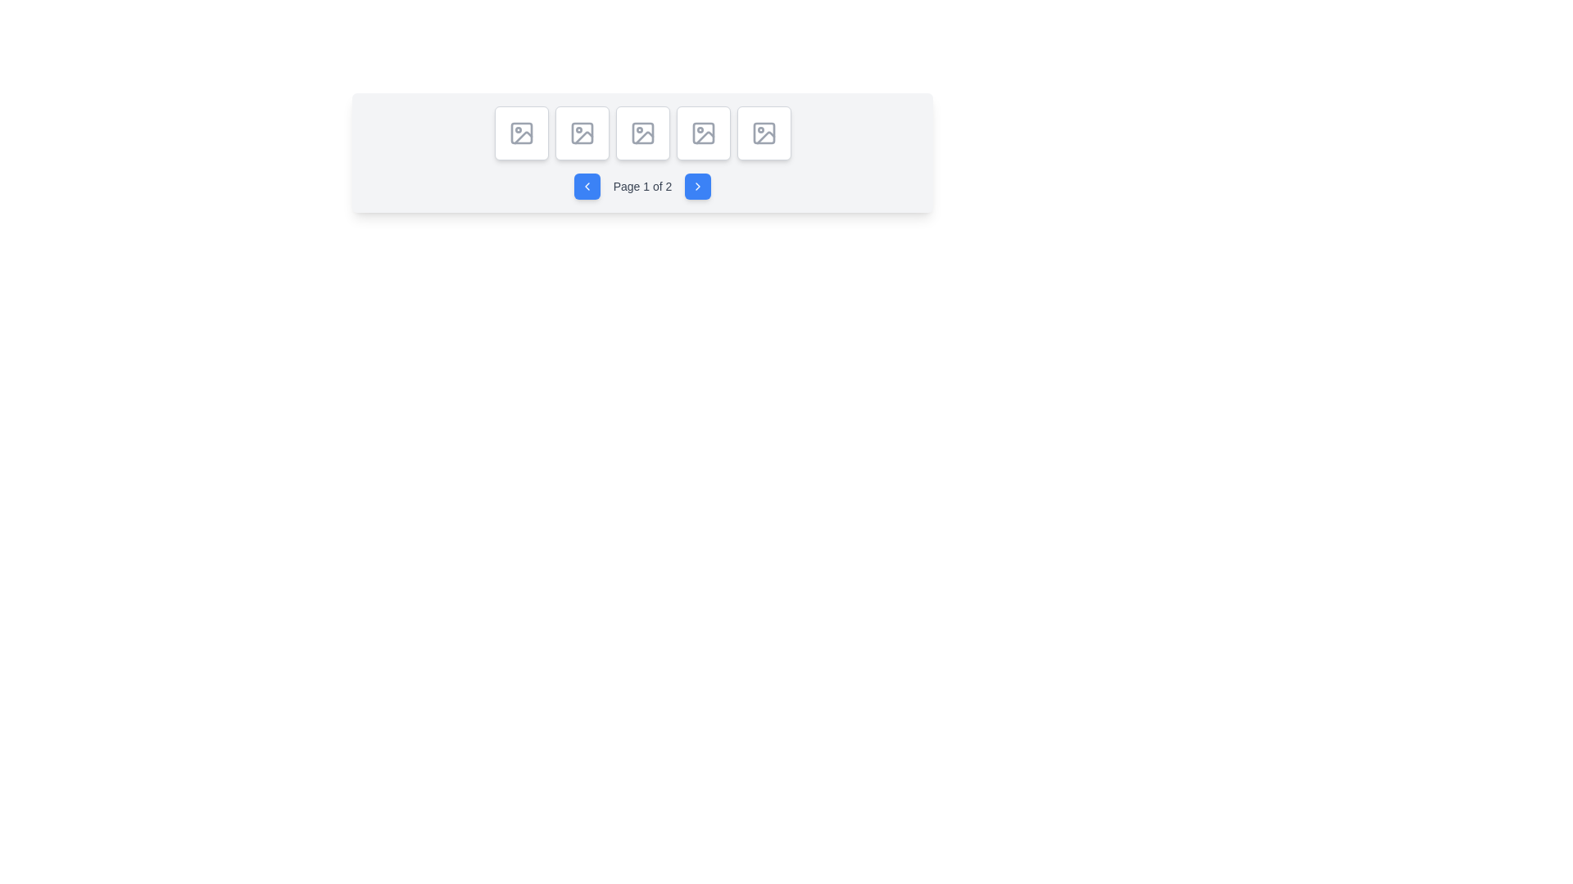 Image resolution: width=1573 pixels, height=884 pixels. I want to click on the fourth image icon in the horizontally-aligned group at the top of the page, so click(703, 132).